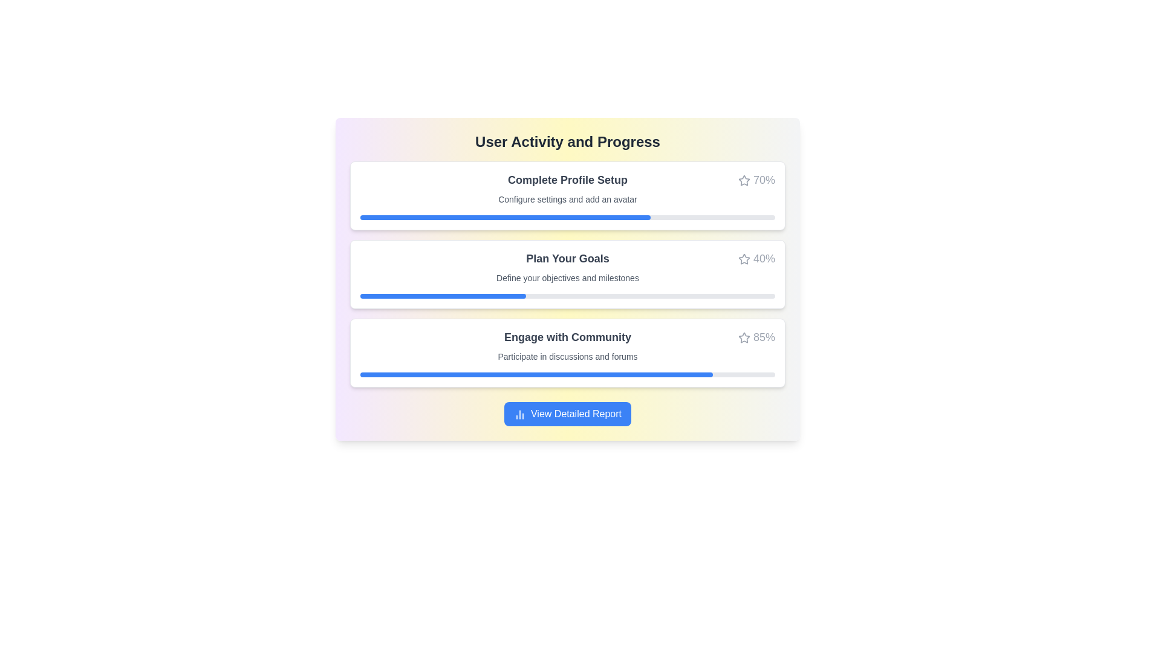 This screenshot has height=653, width=1161. What do you see at coordinates (756, 337) in the screenshot?
I see `the numeric value '85%' with a star icon located in the top-right corner of the 'Engage with Community' card, above the progress bar` at bounding box center [756, 337].